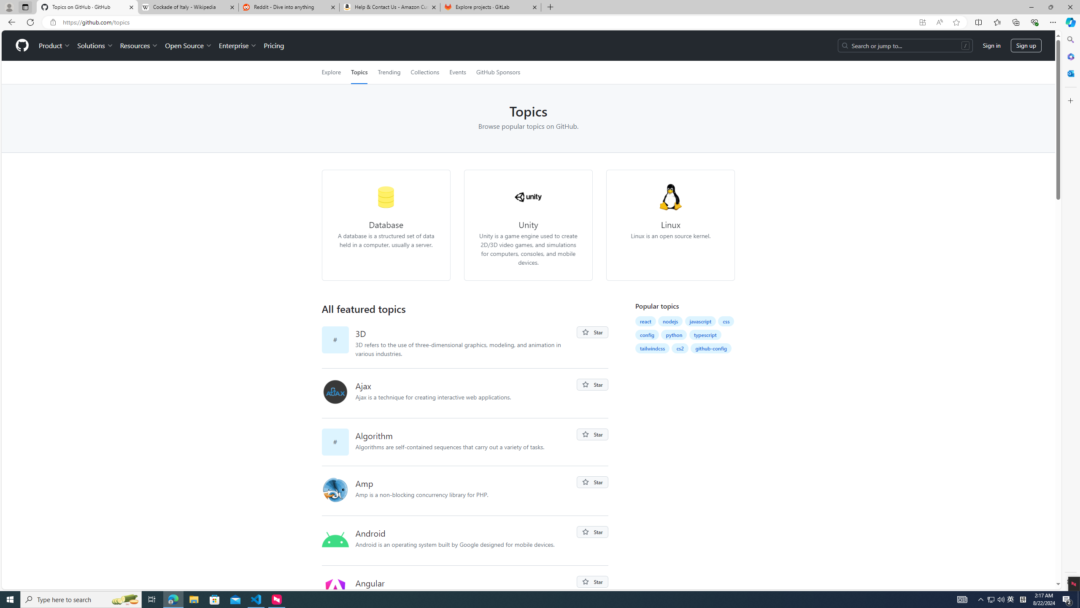  I want to click on 'App available. Install GitHub', so click(922, 22).